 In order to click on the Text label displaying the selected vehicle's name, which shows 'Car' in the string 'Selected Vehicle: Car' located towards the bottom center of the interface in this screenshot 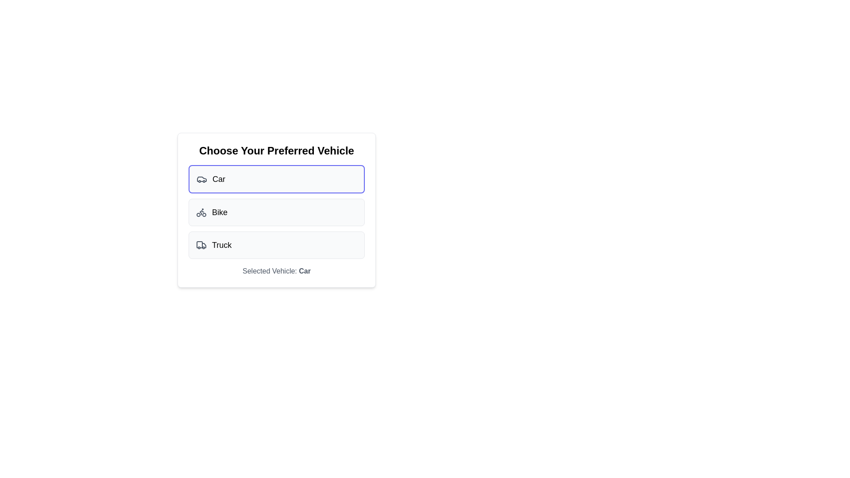, I will do `click(305, 270)`.